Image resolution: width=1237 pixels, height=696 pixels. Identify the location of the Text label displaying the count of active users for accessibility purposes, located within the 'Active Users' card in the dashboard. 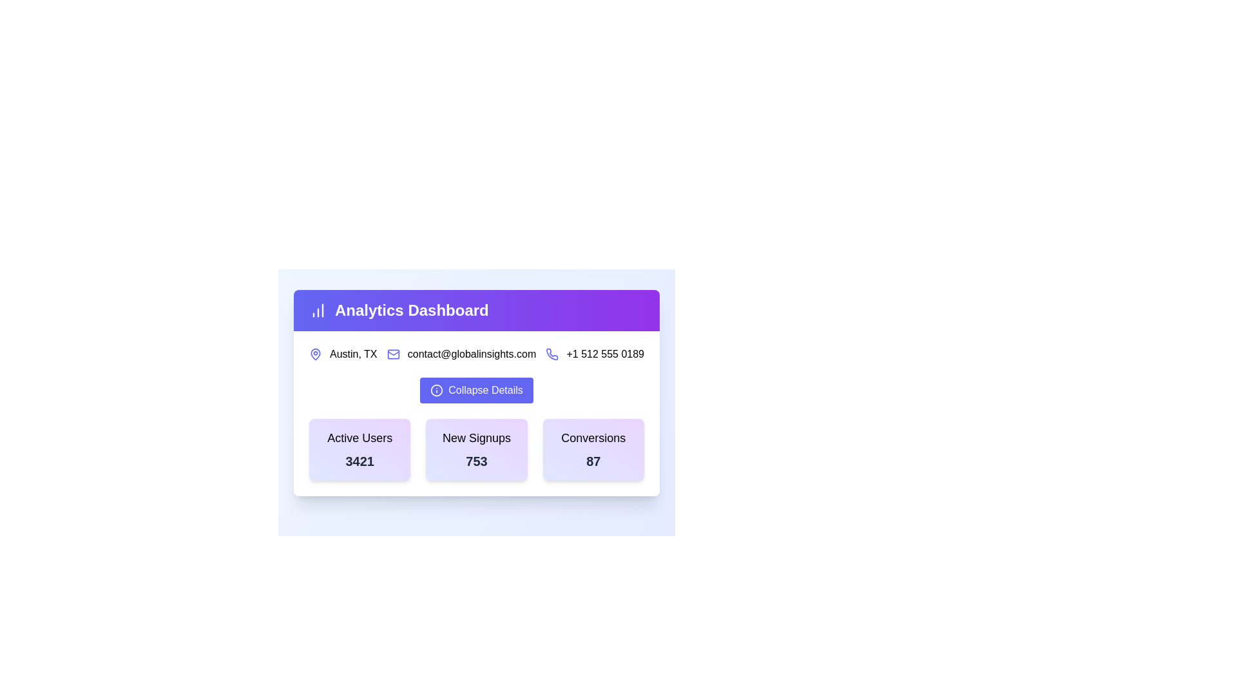
(360, 461).